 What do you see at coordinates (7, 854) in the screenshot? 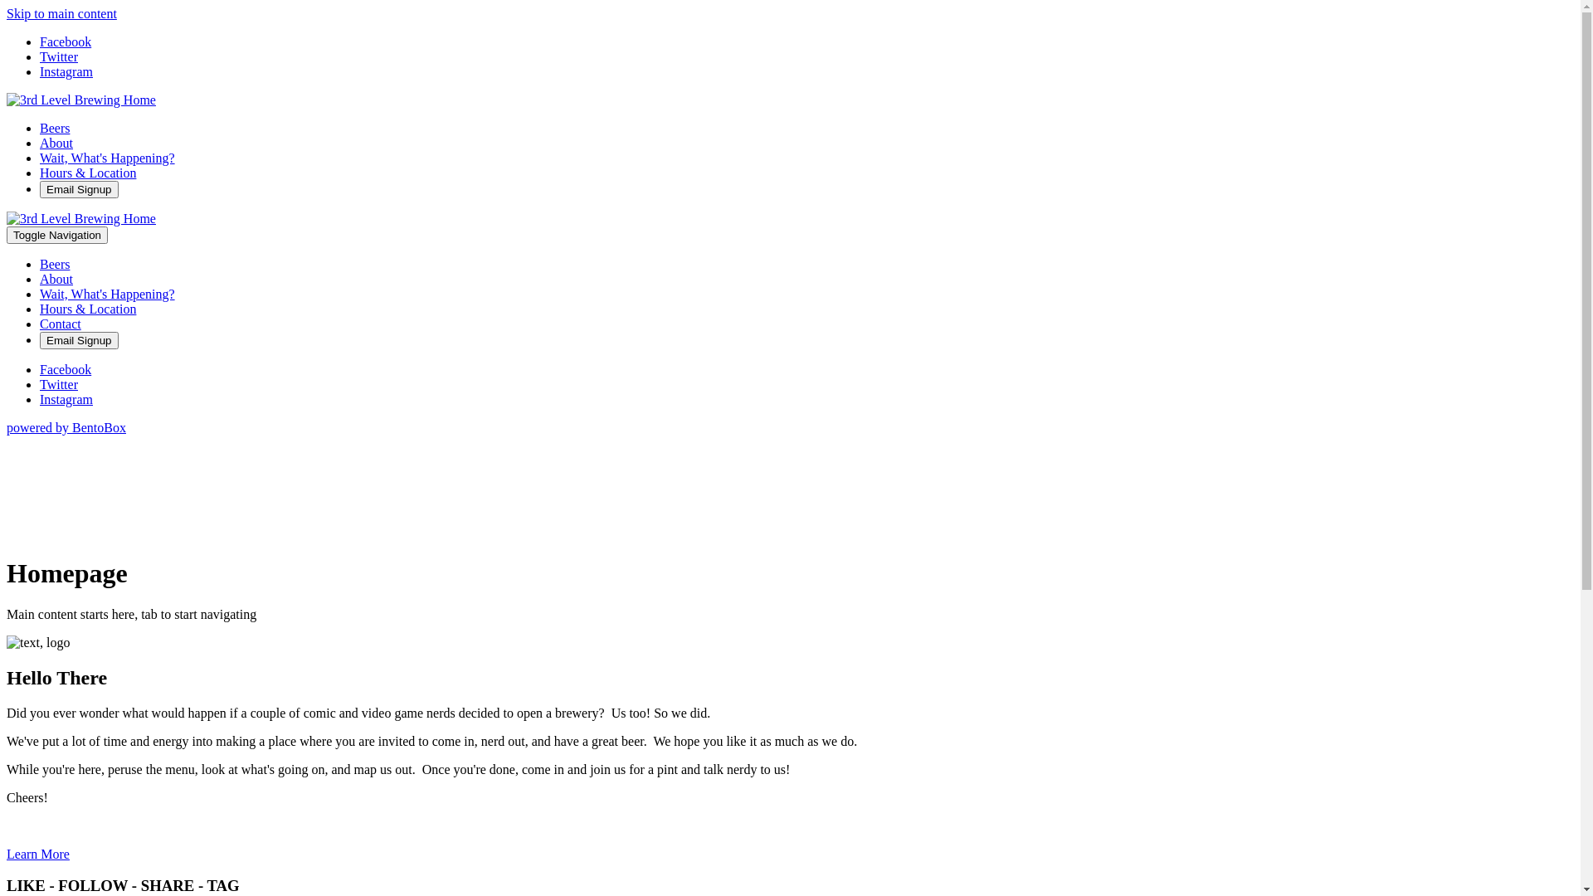
I see `'Learn More'` at bounding box center [7, 854].